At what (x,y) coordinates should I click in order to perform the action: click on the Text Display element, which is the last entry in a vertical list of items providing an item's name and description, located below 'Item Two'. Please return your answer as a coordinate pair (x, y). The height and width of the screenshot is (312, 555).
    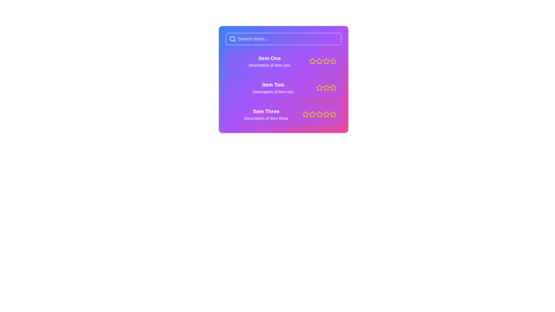
    Looking at the image, I should click on (266, 114).